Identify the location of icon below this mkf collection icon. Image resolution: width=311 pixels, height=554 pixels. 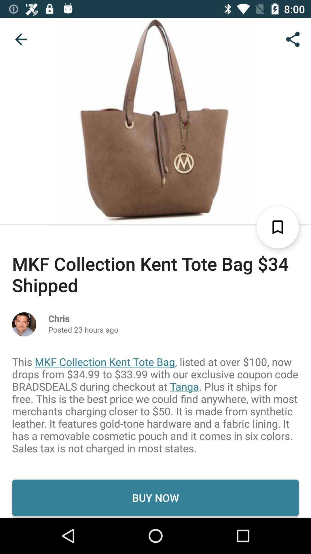
(155, 497).